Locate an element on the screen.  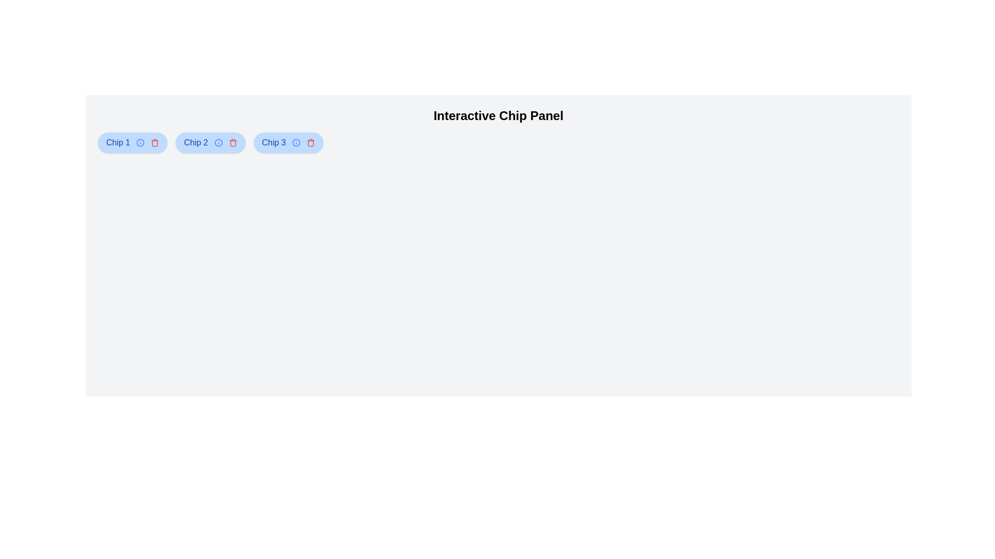
the info button of the chip labeled Chip 3 is located at coordinates (295, 143).